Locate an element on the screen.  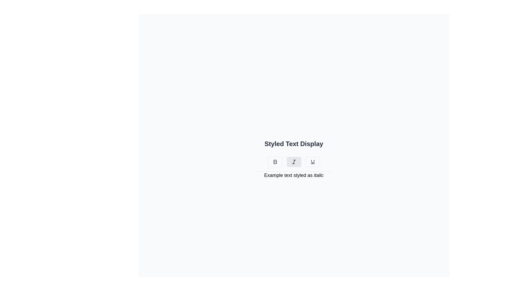
the square button with rounded corners displaying a bold letter 'B' is located at coordinates (275, 161).